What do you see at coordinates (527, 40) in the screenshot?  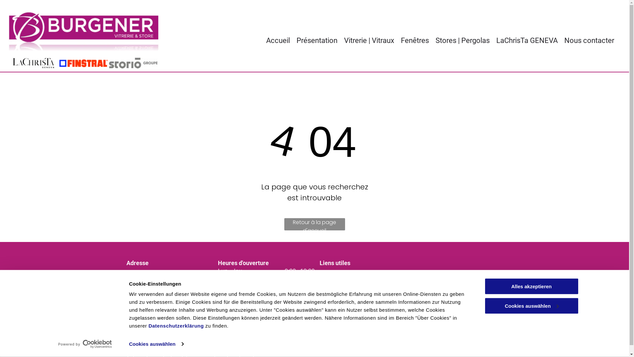 I see `'LaChrisTa GENEVA'` at bounding box center [527, 40].